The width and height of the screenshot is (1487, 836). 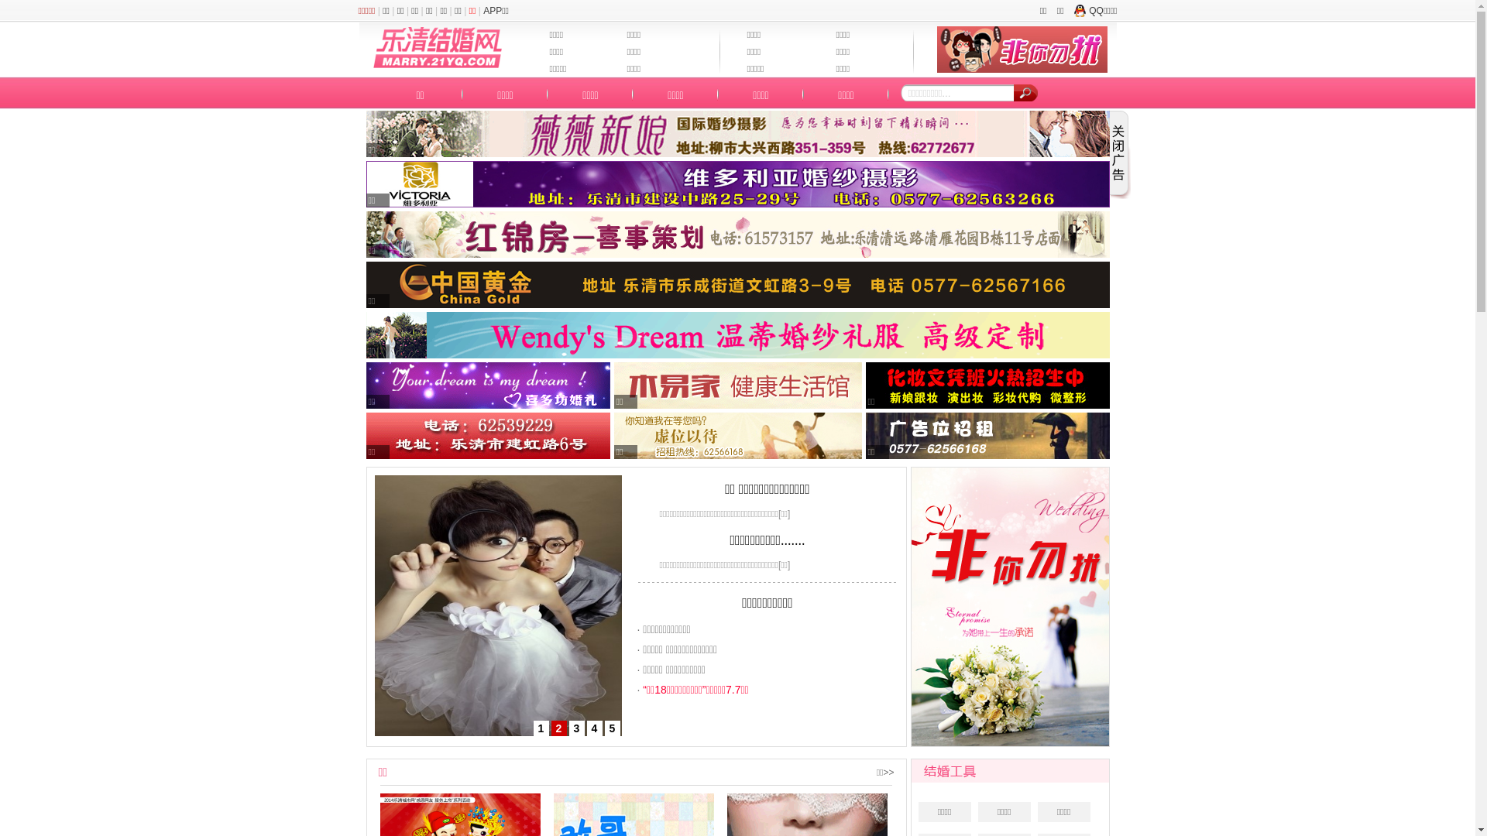 What do you see at coordinates (611, 728) in the screenshot?
I see `'5'` at bounding box center [611, 728].